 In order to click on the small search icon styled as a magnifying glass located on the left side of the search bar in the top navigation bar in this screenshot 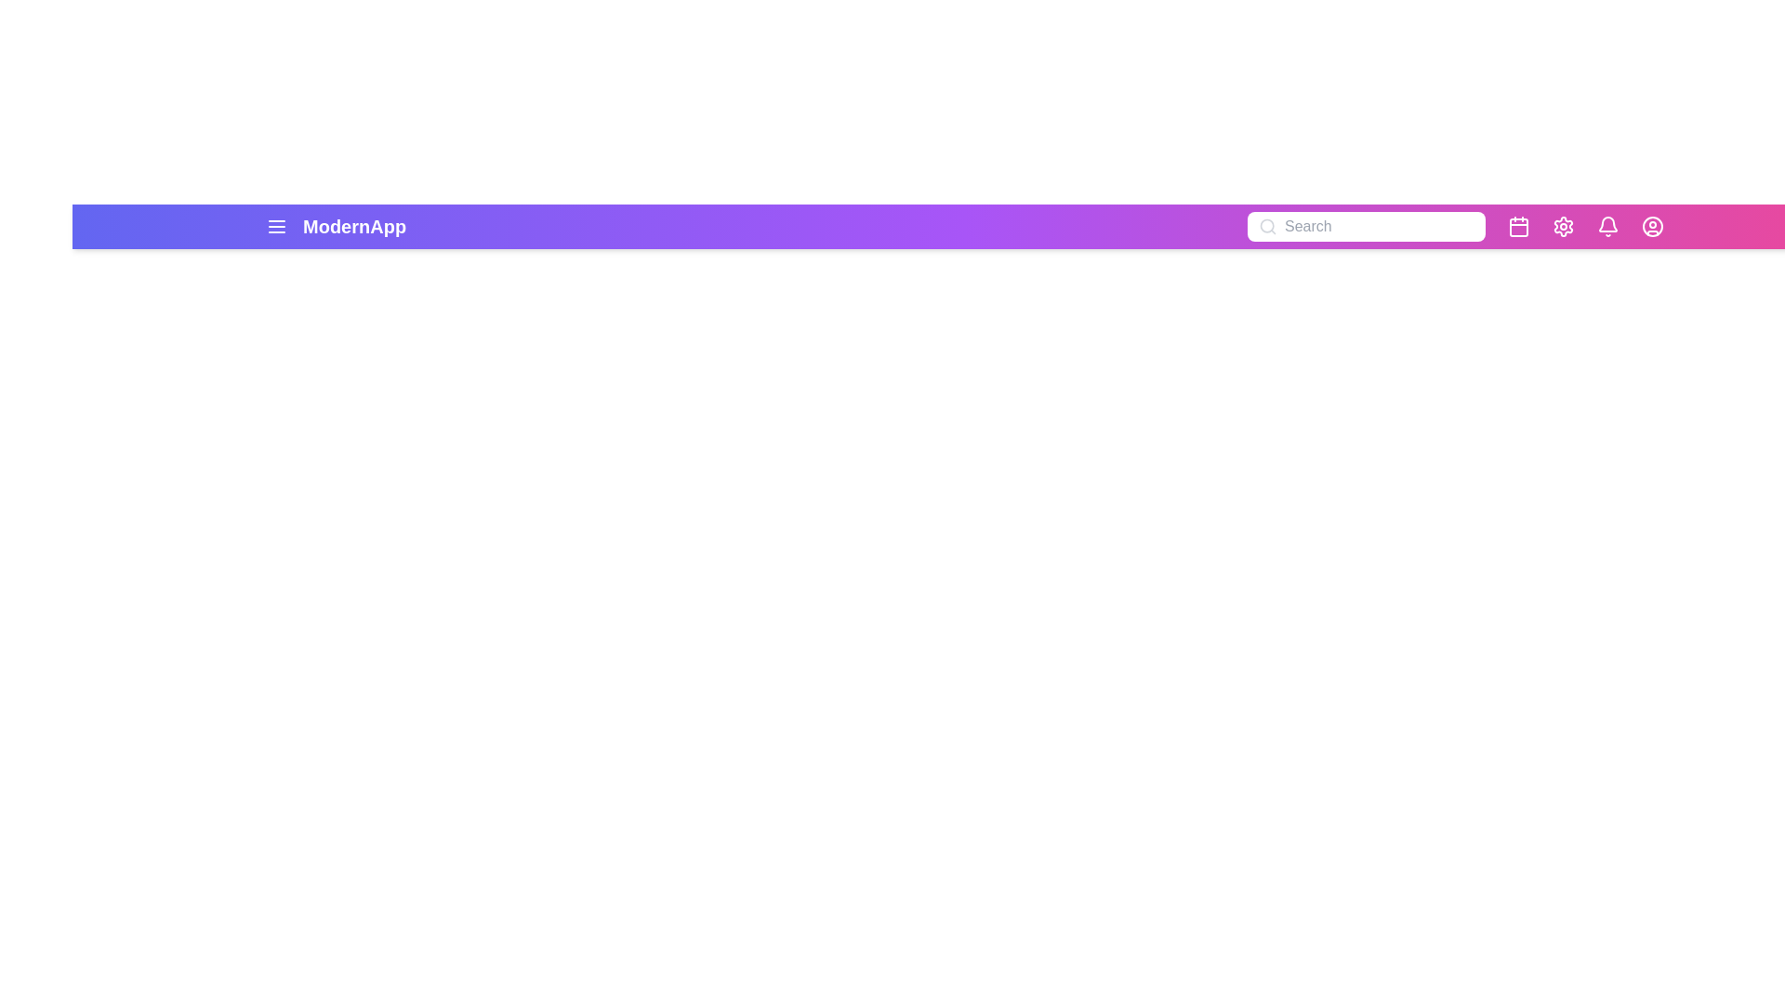, I will do `click(1266, 225)`.